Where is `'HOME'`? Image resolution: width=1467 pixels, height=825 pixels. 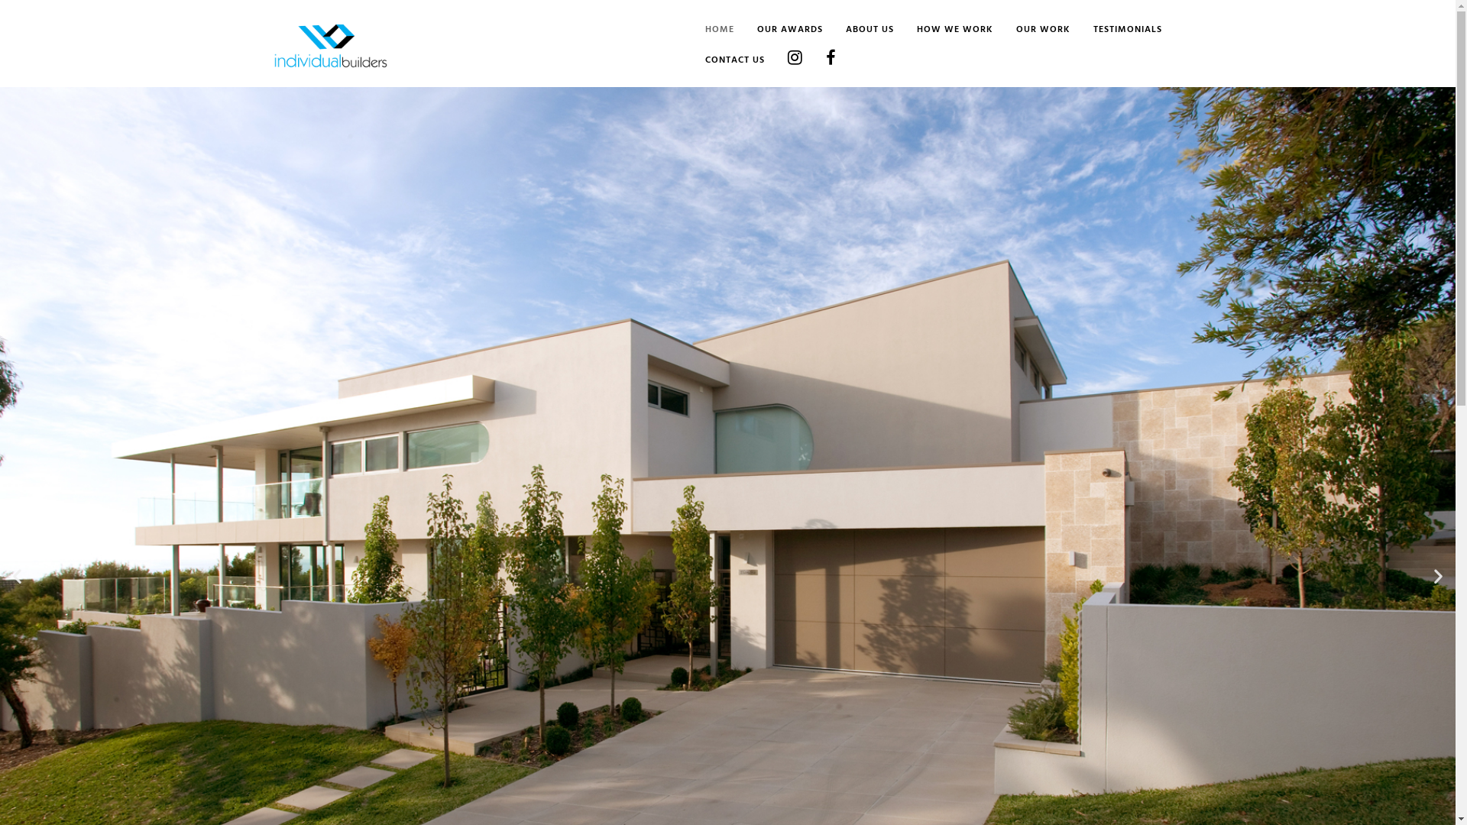 'HOME' is located at coordinates (707, 30).